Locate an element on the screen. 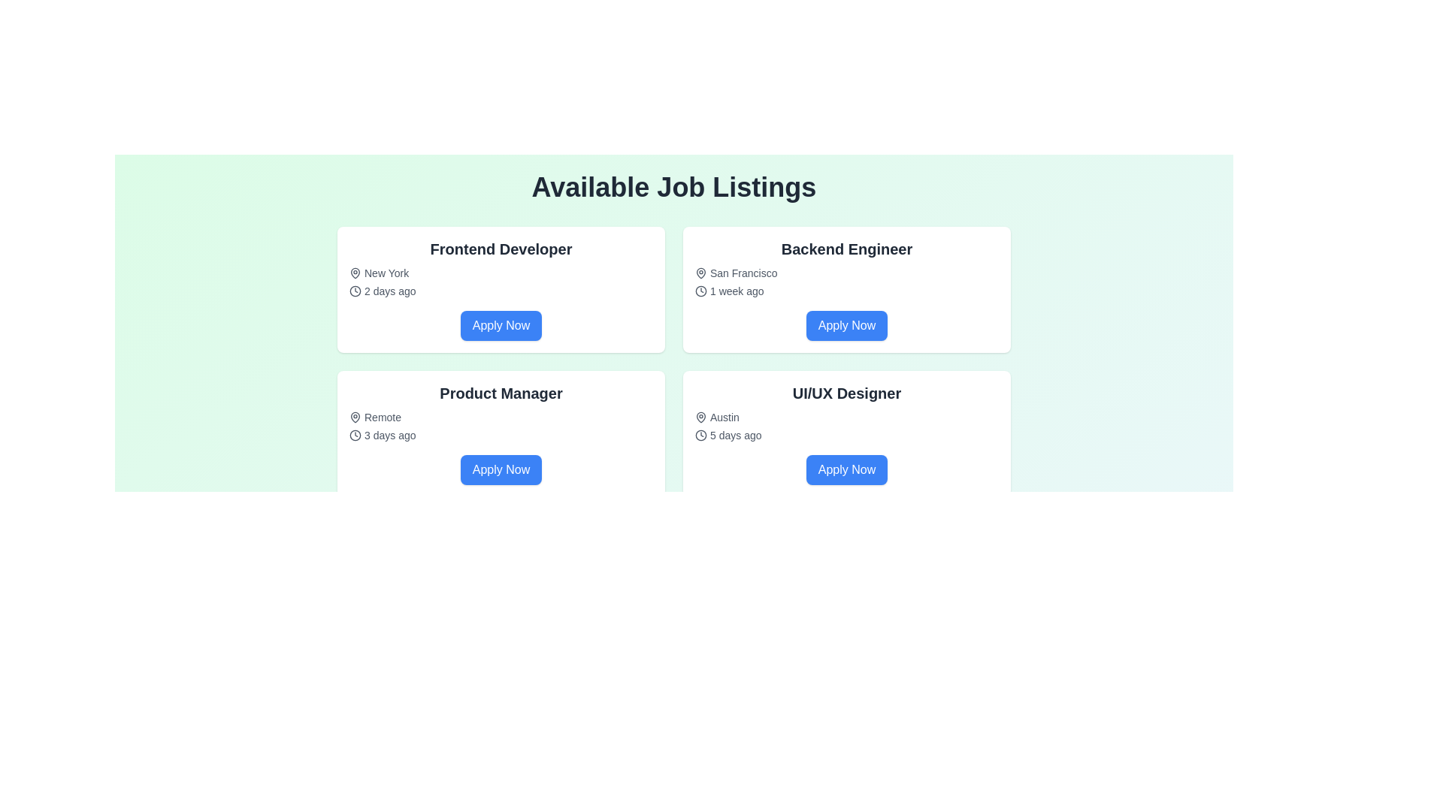  the Job listing card in the upper-left quadrant of the grid layout to change its background color to light gray is located at coordinates (501, 289).